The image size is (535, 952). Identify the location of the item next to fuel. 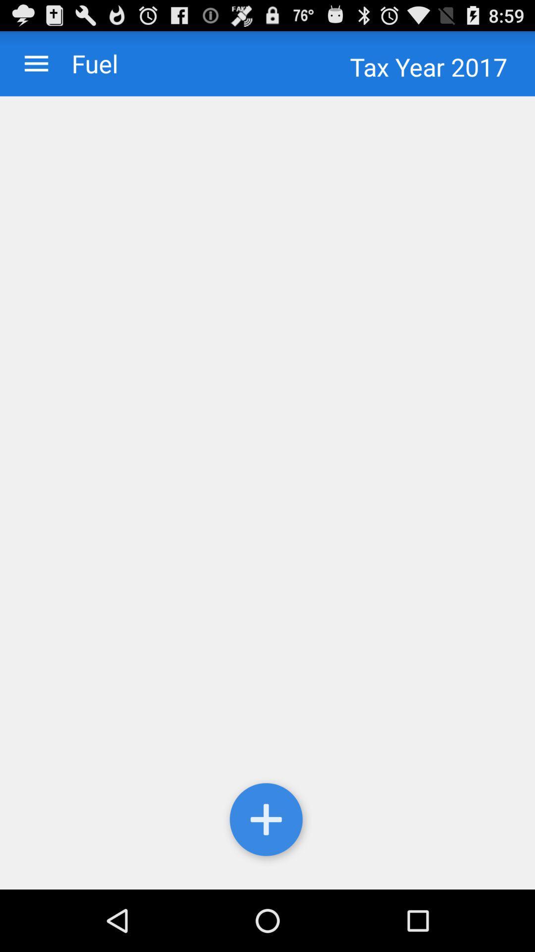
(36, 63).